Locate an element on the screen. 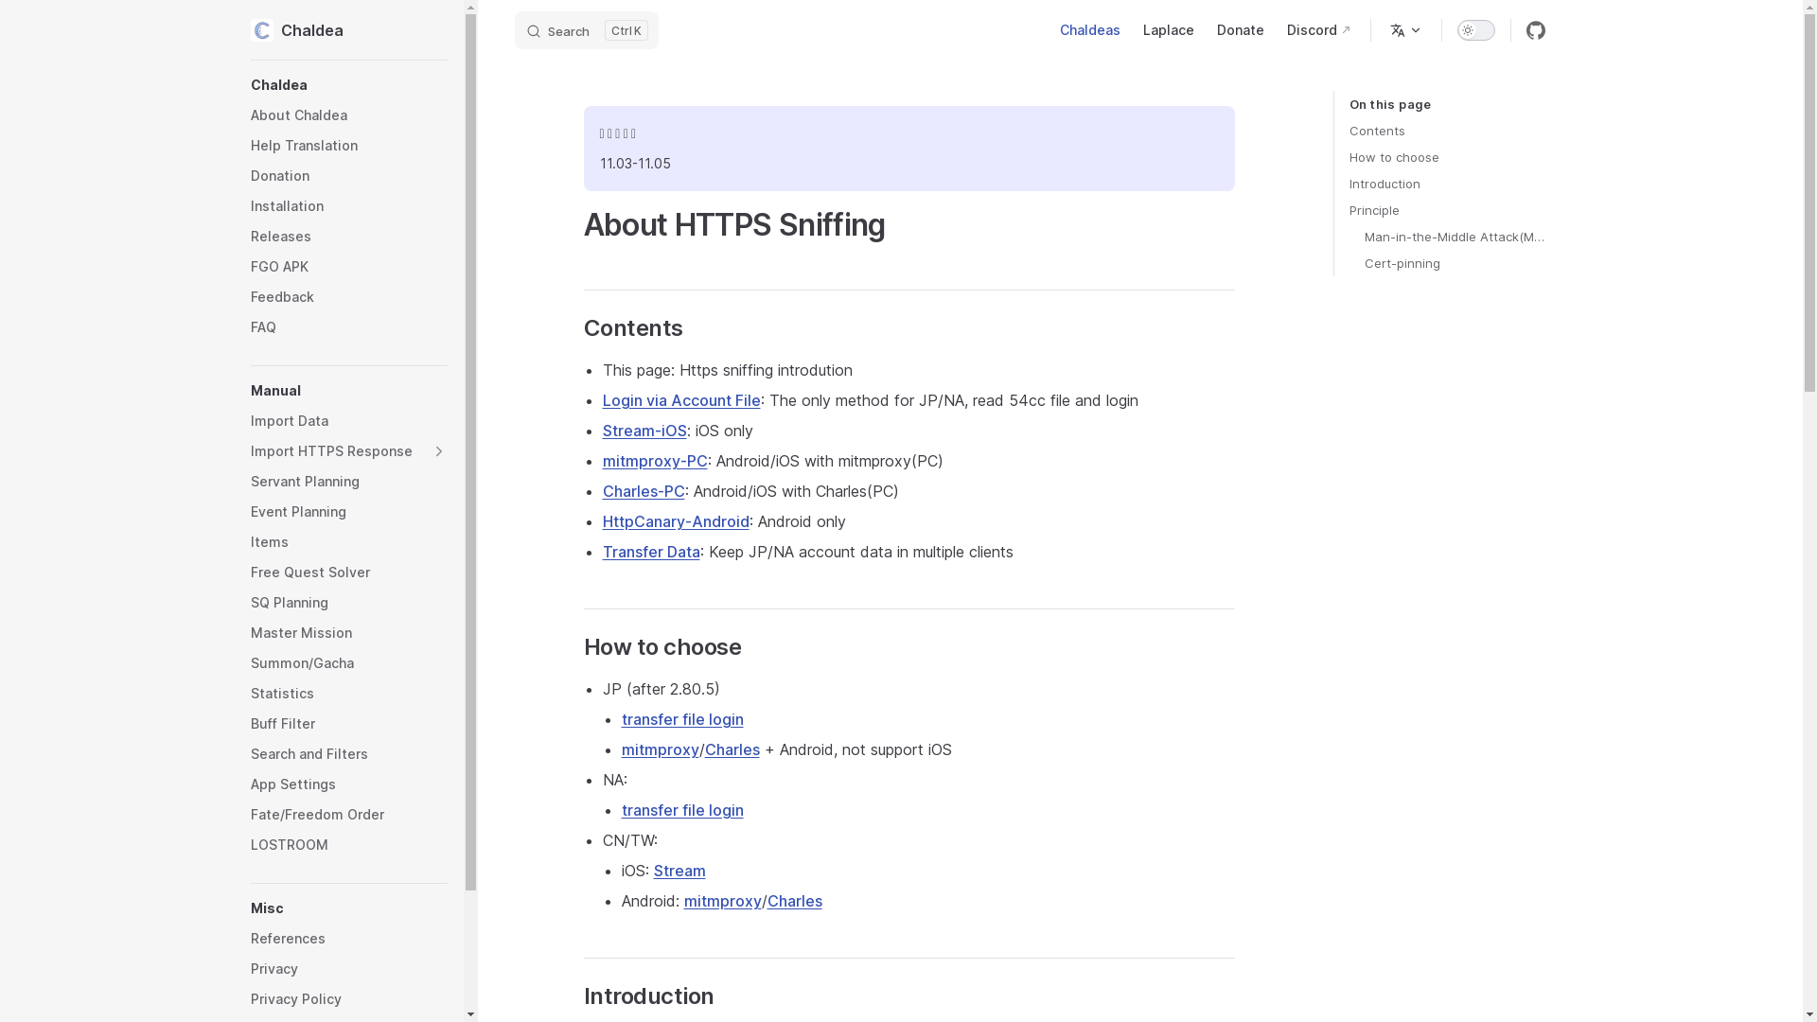 This screenshot has width=1817, height=1022. 'Releases' is located at coordinates (348, 236).